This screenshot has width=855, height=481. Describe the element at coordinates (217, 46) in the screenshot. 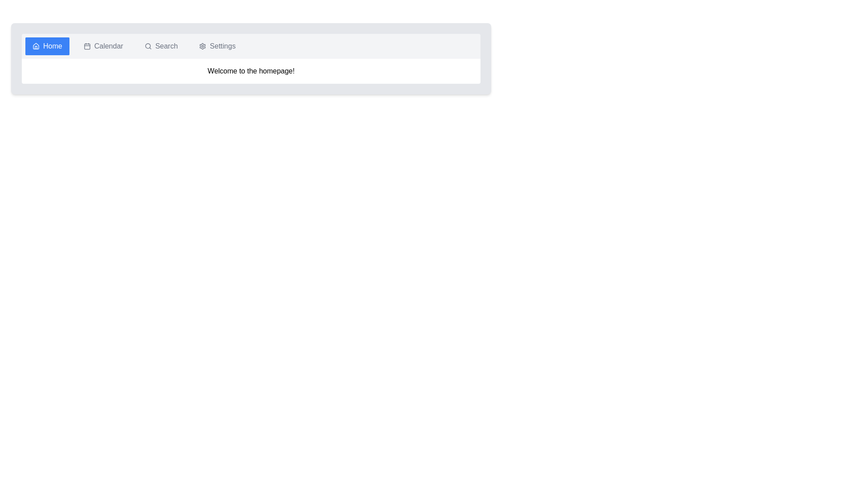

I see `the 'Settings' button with a cogwheel icon in the navigation bar` at that location.